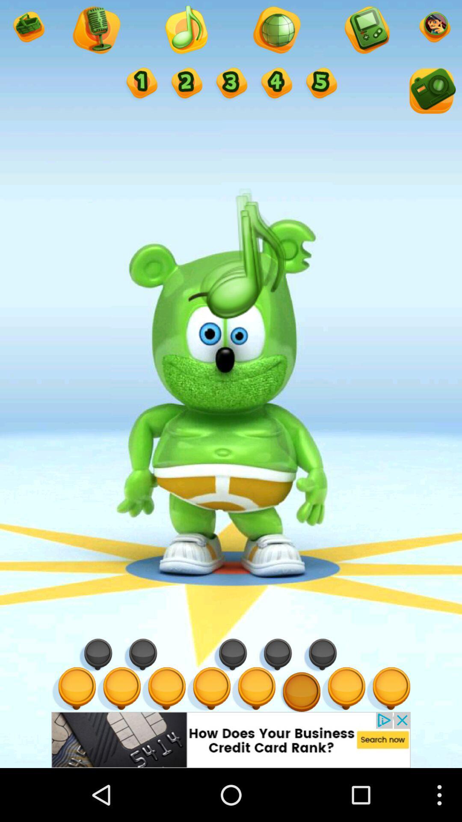 The height and width of the screenshot is (822, 462). What do you see at coordinates (27, 30) in the screenshot?
I see `the emoji icon` at bounding box center [27, 30].